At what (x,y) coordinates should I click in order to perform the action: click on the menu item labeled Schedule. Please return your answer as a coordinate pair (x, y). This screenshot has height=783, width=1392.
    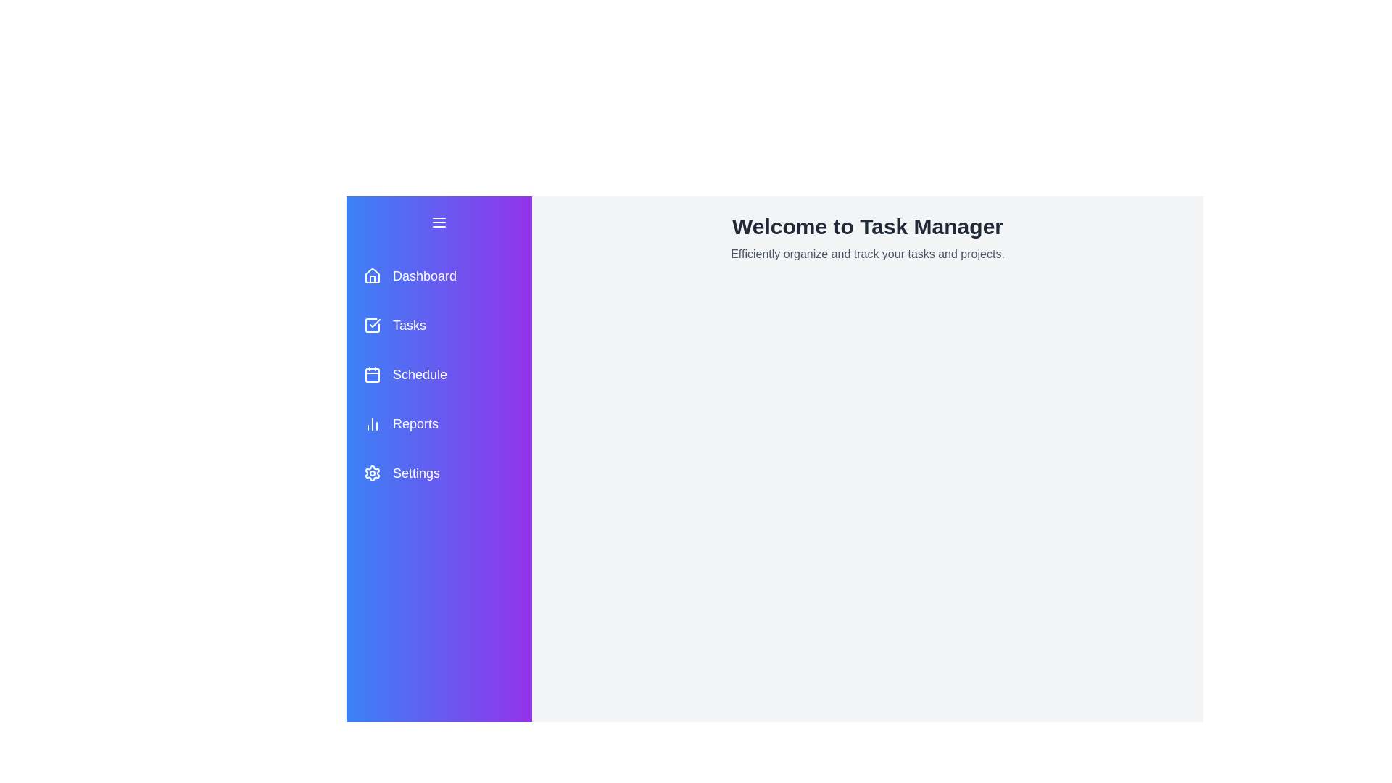
    Looking at the image, I should click on (438, 373).